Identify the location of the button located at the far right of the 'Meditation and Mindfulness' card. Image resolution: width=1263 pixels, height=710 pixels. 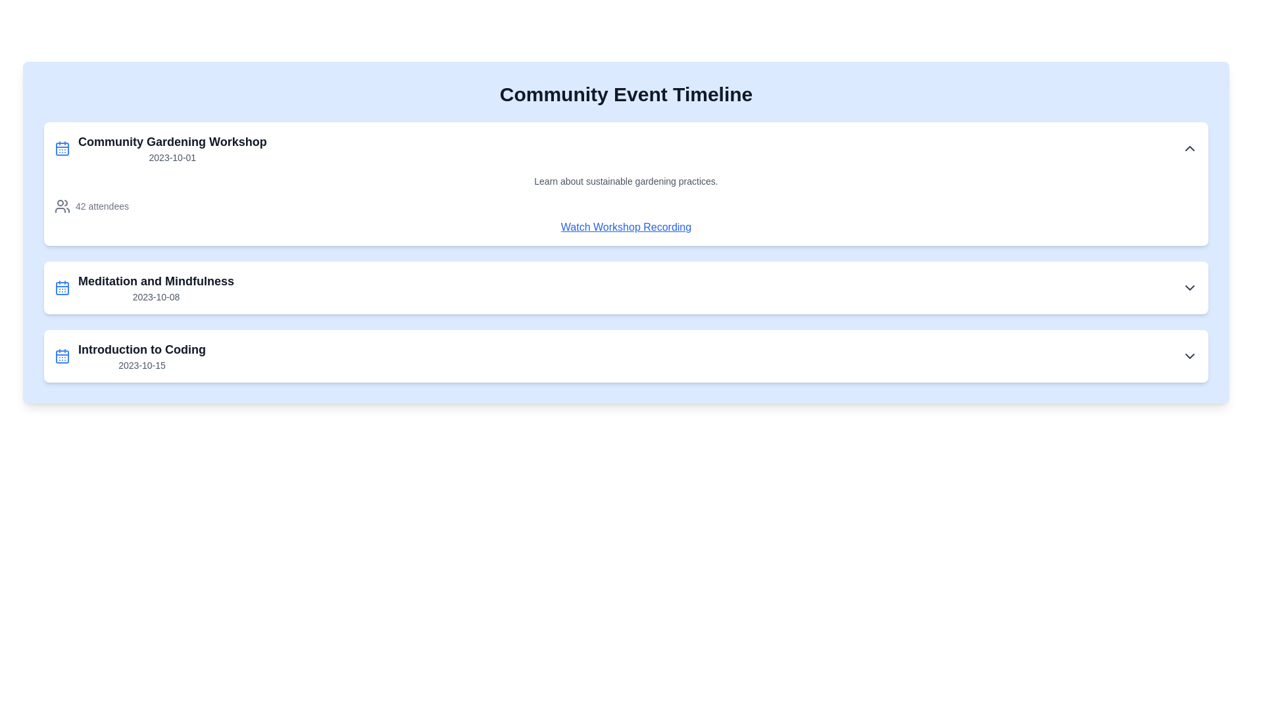
(1190, 287).